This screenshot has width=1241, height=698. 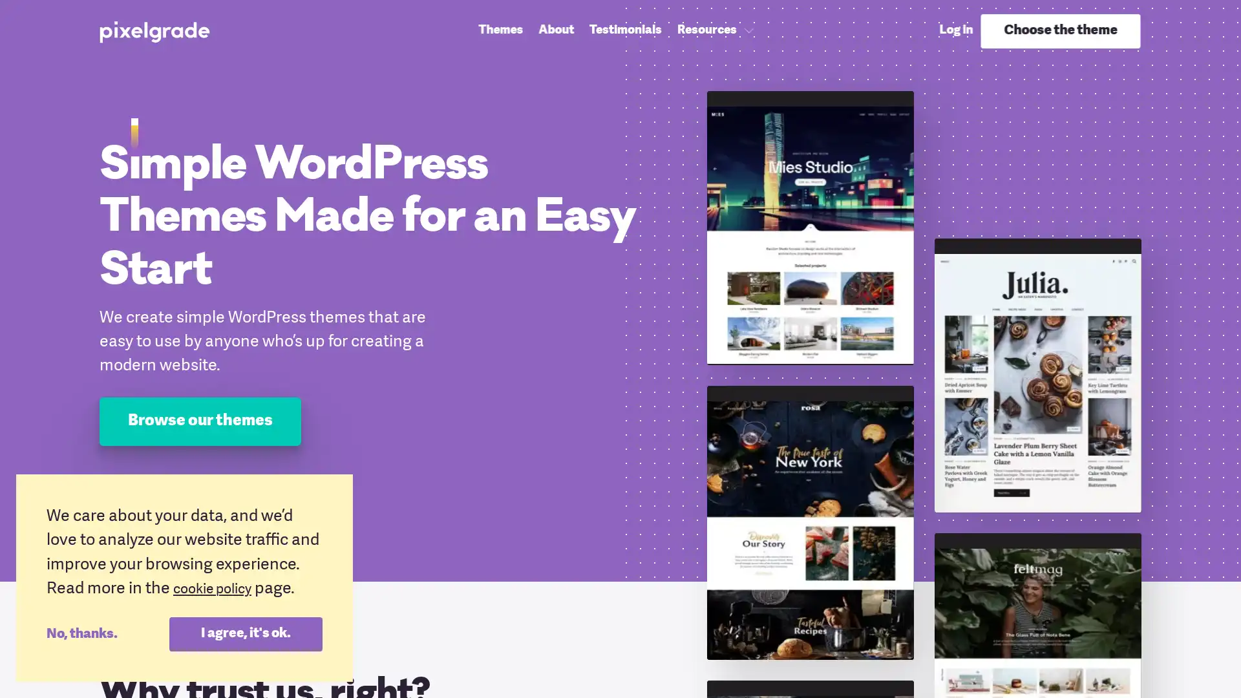 What do you see at coordinates (107, 633) in the screenshot?
I see `No, thanks.` at bounding box center [107, 633].